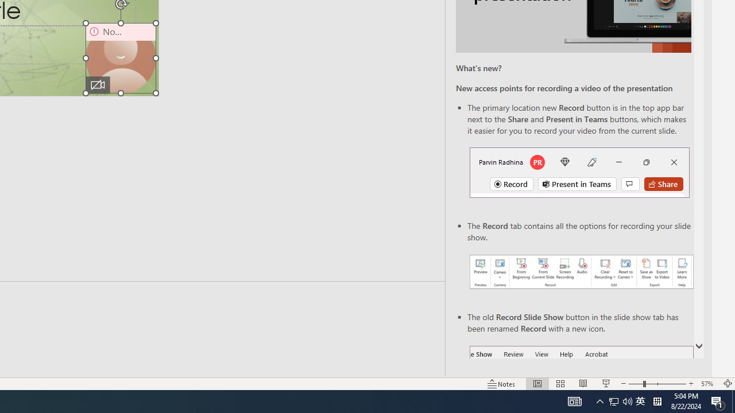  Describe the element at coordinates (708, 384) in the screenshot. I see `'Zoom 57%'` at that location.